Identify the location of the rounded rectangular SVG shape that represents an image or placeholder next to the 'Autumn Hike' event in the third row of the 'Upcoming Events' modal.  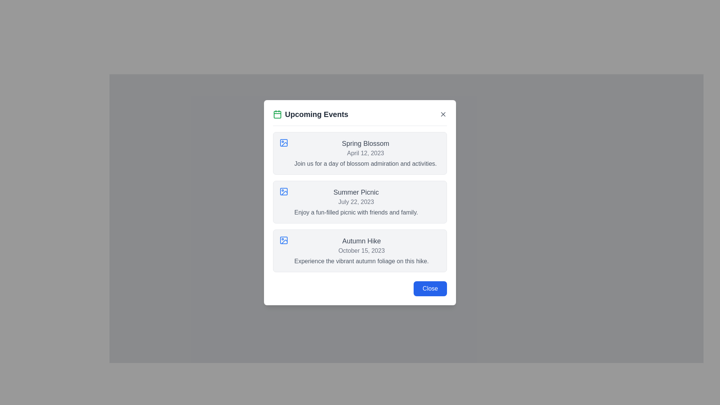
(283, 240).